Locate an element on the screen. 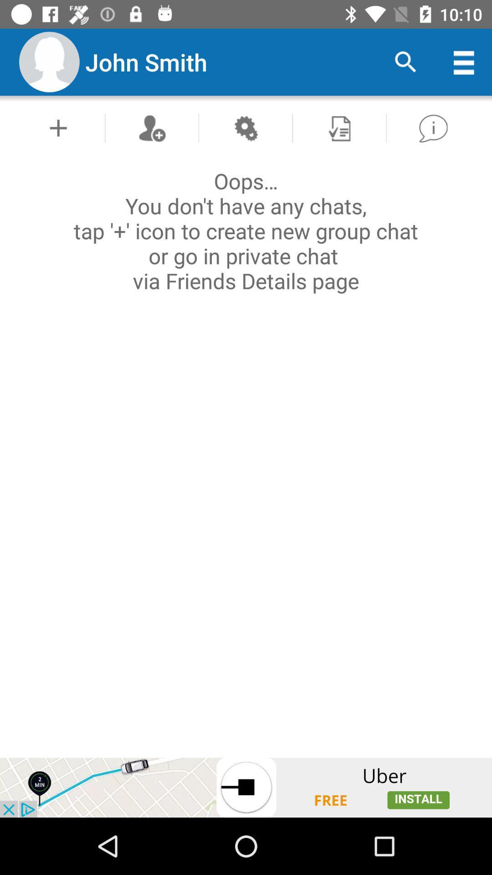 This screenshot has height=875, width=492. the description icon is located at coordinates (339, 128).